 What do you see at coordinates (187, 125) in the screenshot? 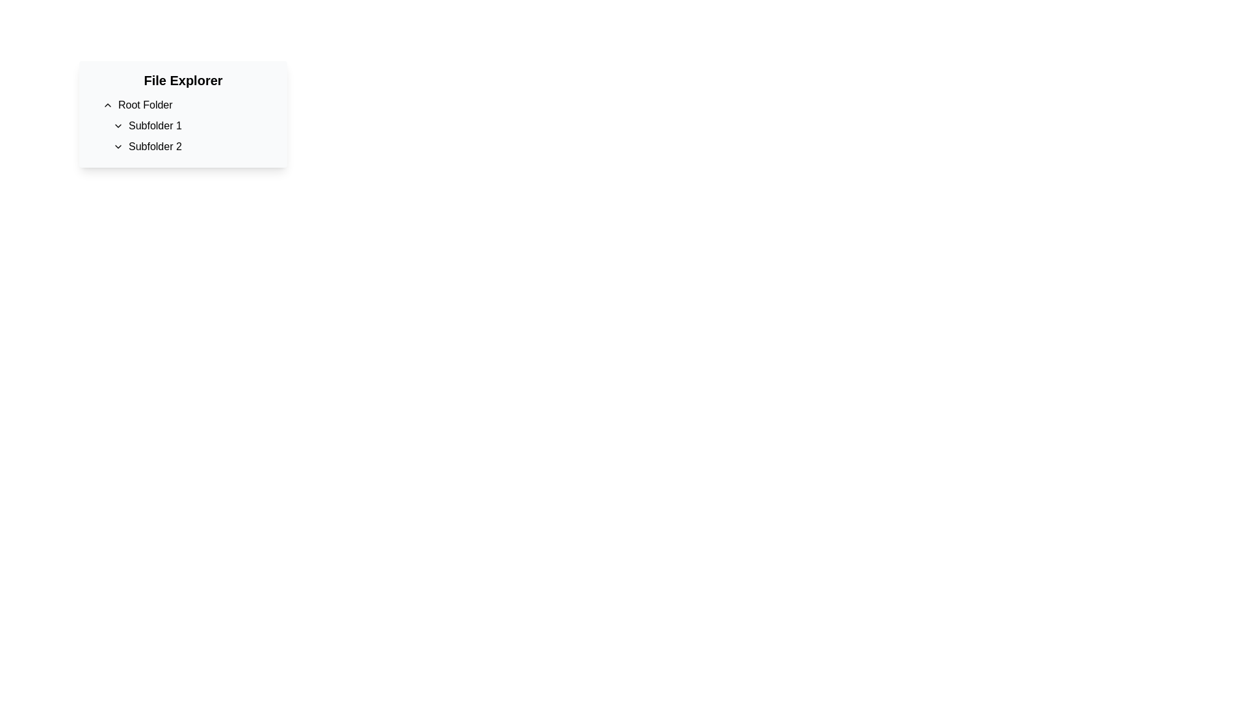
I see `the Hierarchical List element located in the 'File Explorer' section` at bounding box center [187, 125].